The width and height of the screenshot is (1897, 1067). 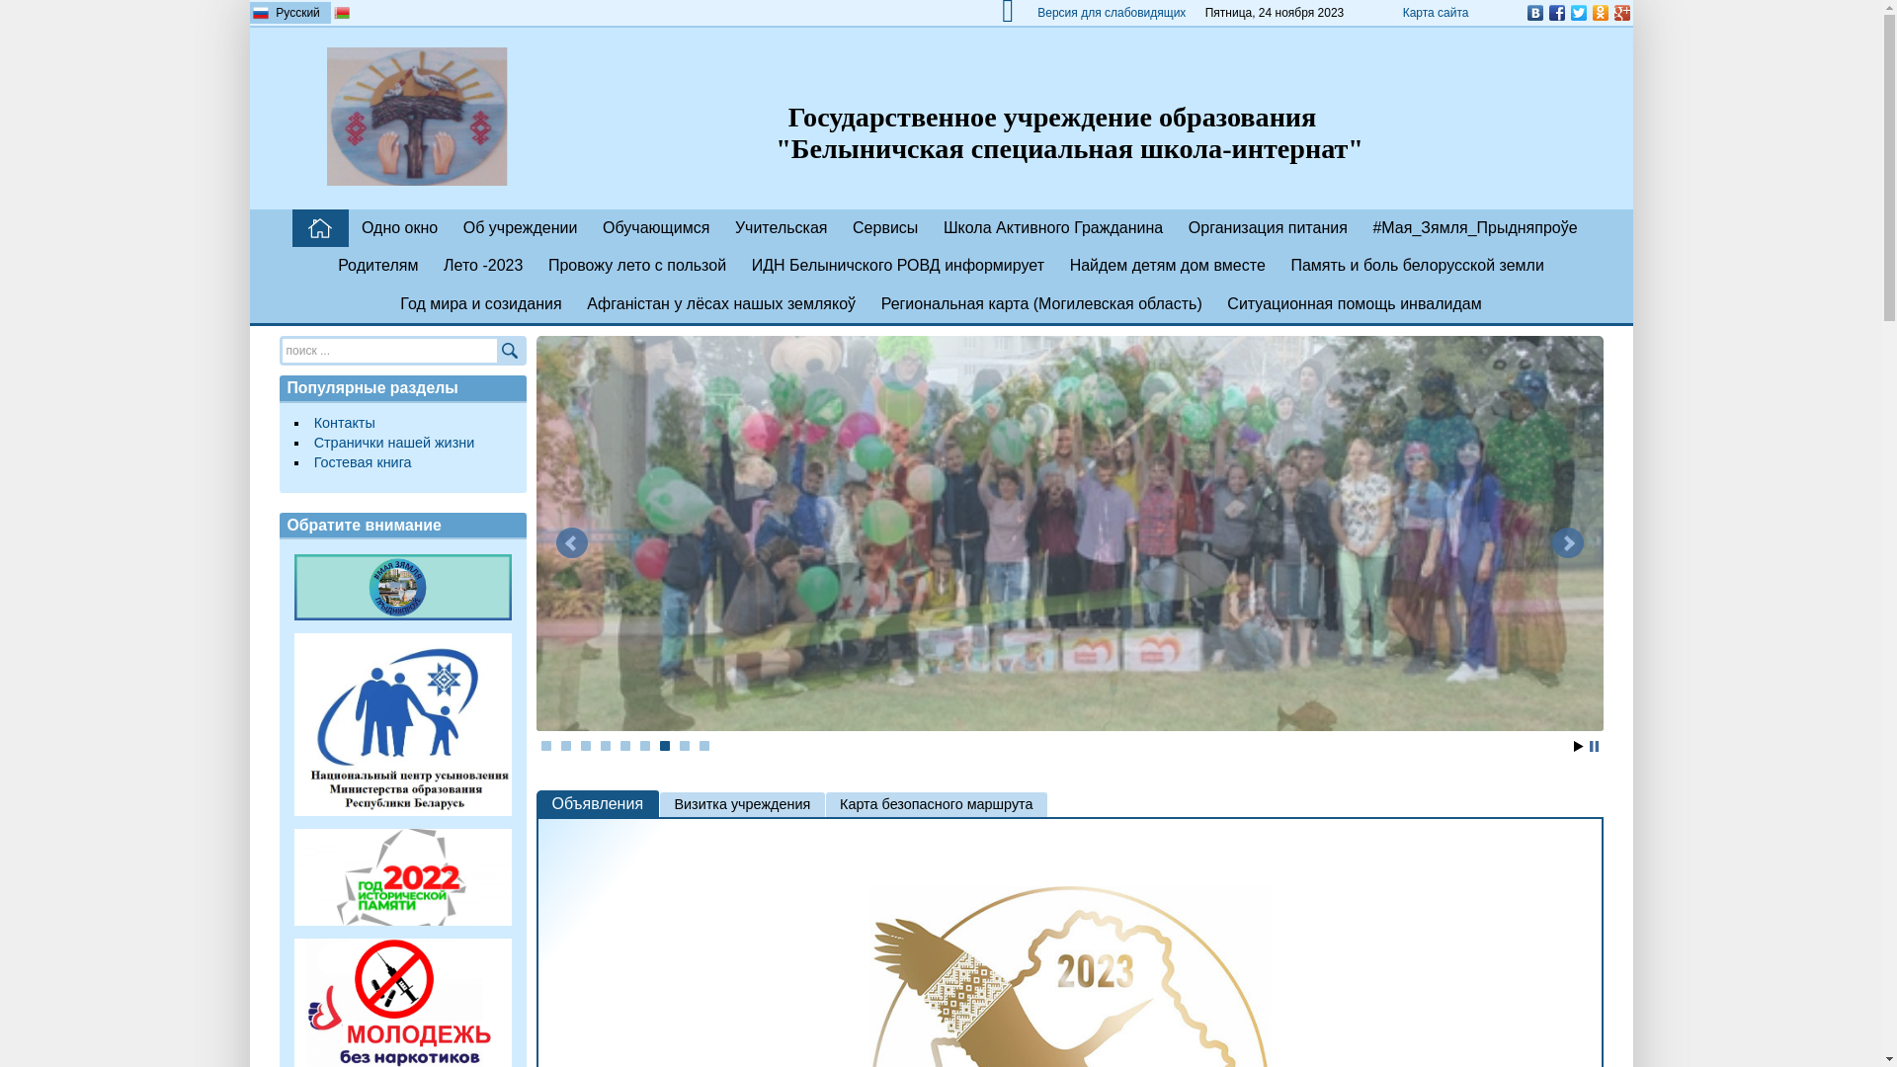 What do you see at coordinates (1593, 746) in the screenshot?
I see `'Stop'` at bounding box center [1593, 746].